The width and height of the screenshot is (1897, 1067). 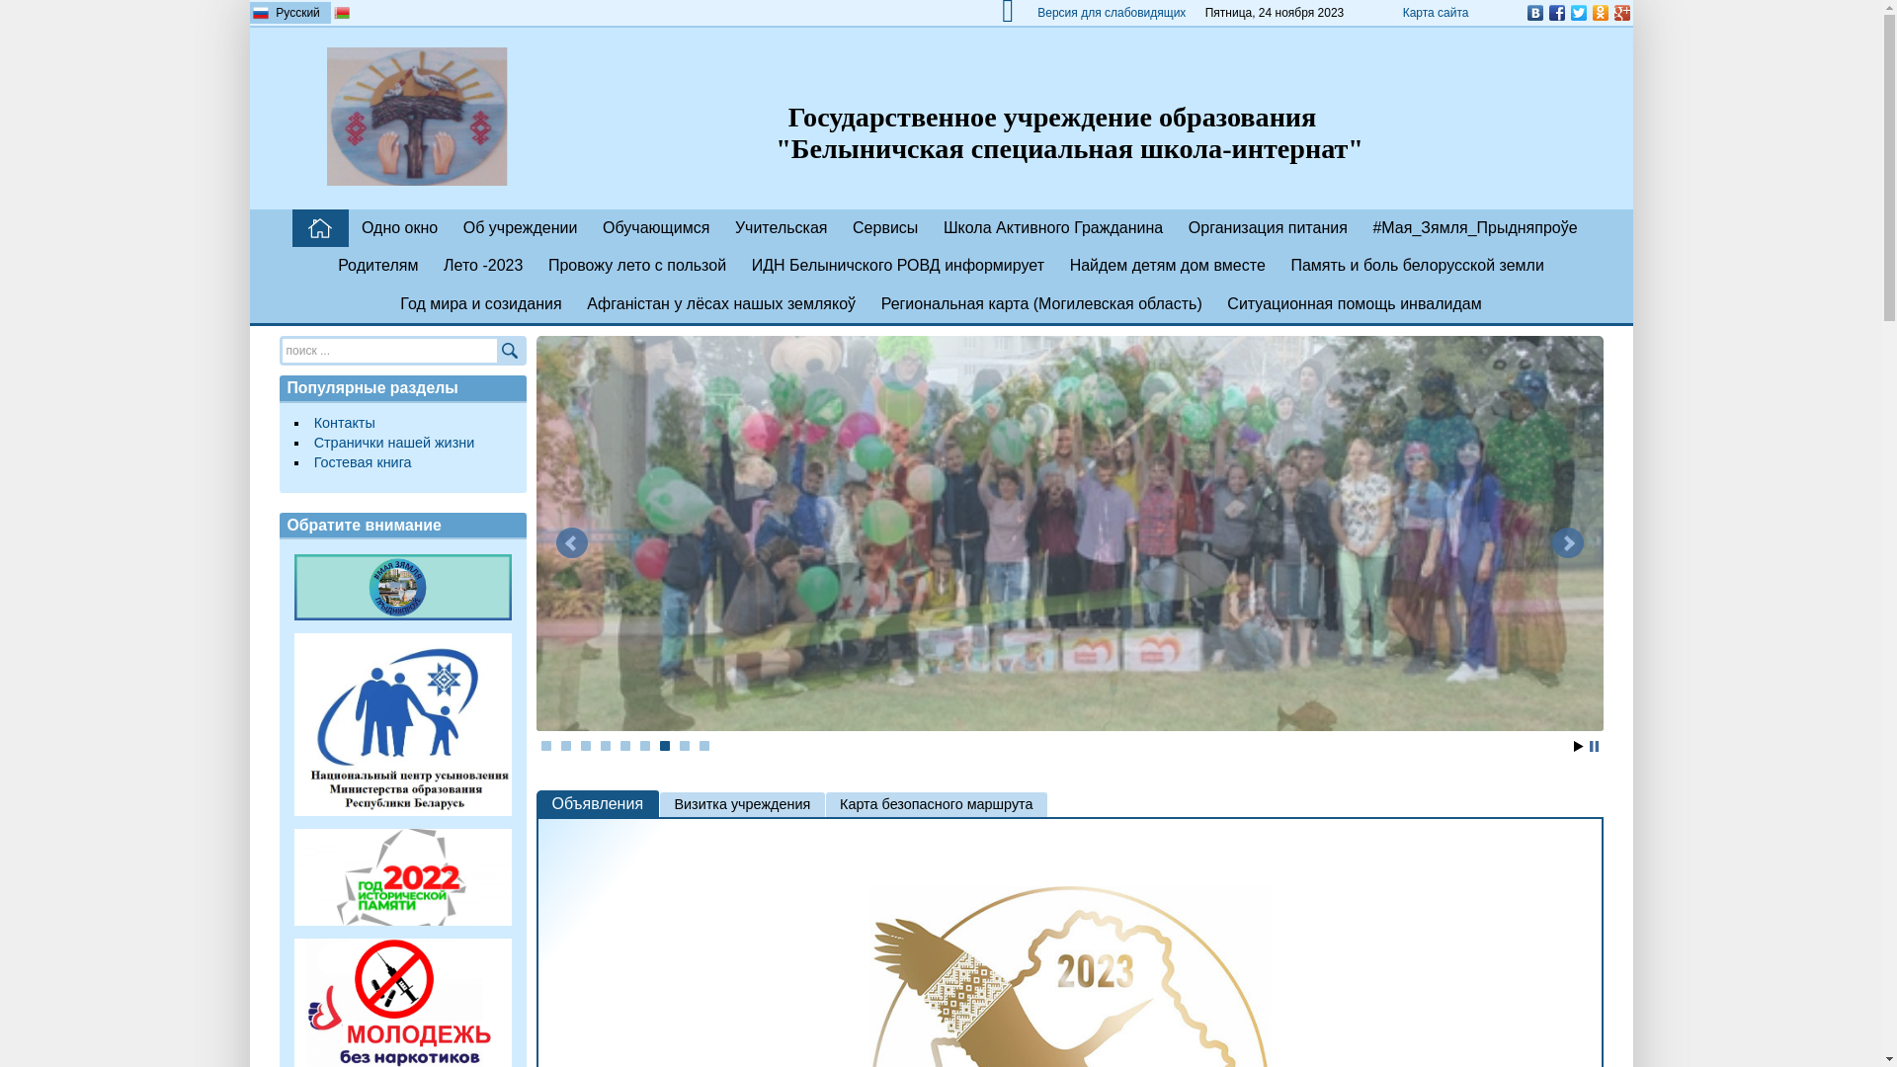 What do you see at coordinates (1593, 746) in the screenshot?
I see `'Stop'` at bounding box center [1593, 746].